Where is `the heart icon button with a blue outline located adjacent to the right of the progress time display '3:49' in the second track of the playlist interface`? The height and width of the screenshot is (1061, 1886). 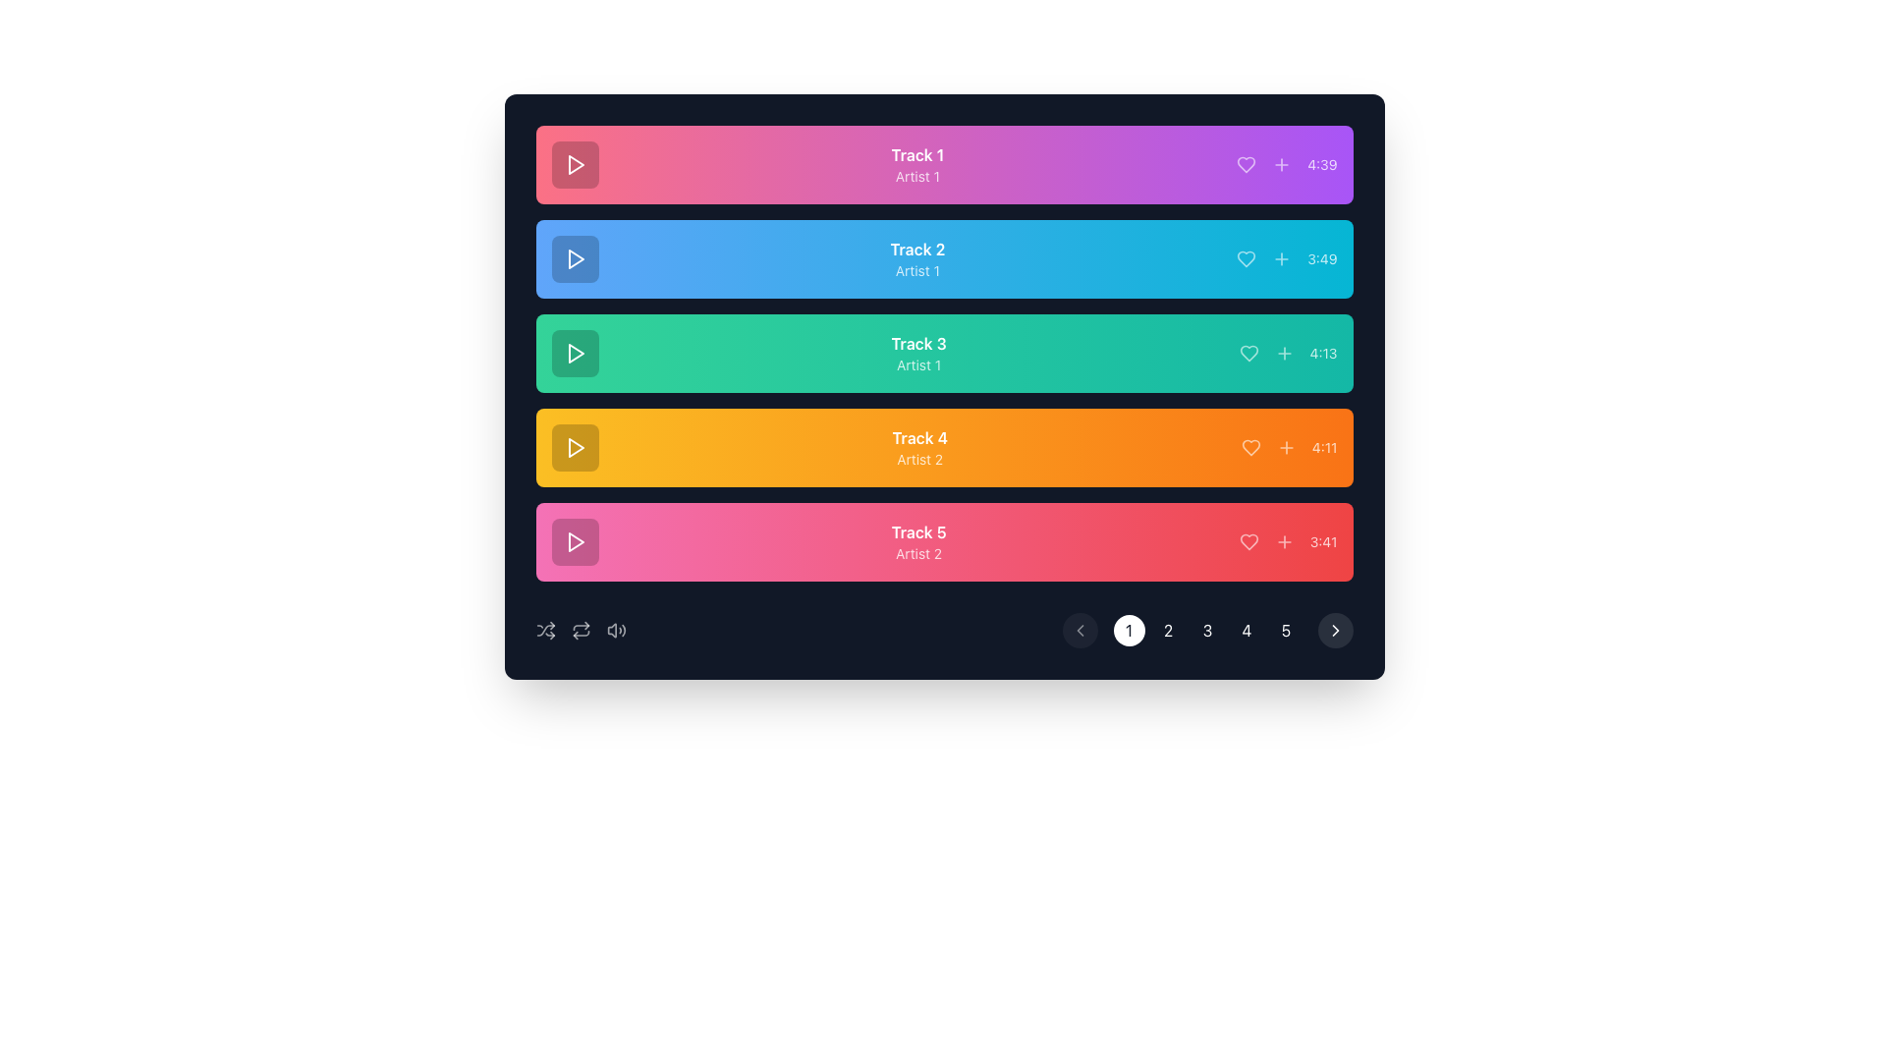
the heart icon button with a blue outline located adjacent to the right of the progress time display '3:49' in the second track of the playlist interface is located at coordinates (1246, 257).